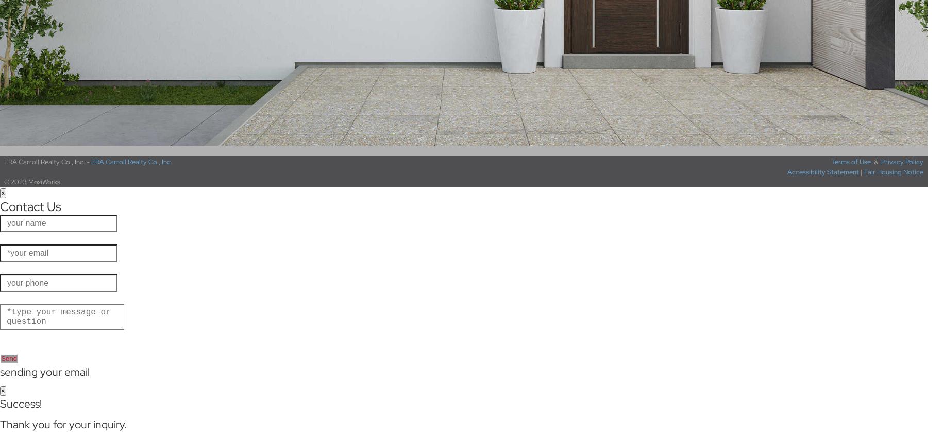  What do you see at coordinates (893, 171) in the screenshot?
I see `'Fair Housing Notice'` at bounding box center [893, 171].